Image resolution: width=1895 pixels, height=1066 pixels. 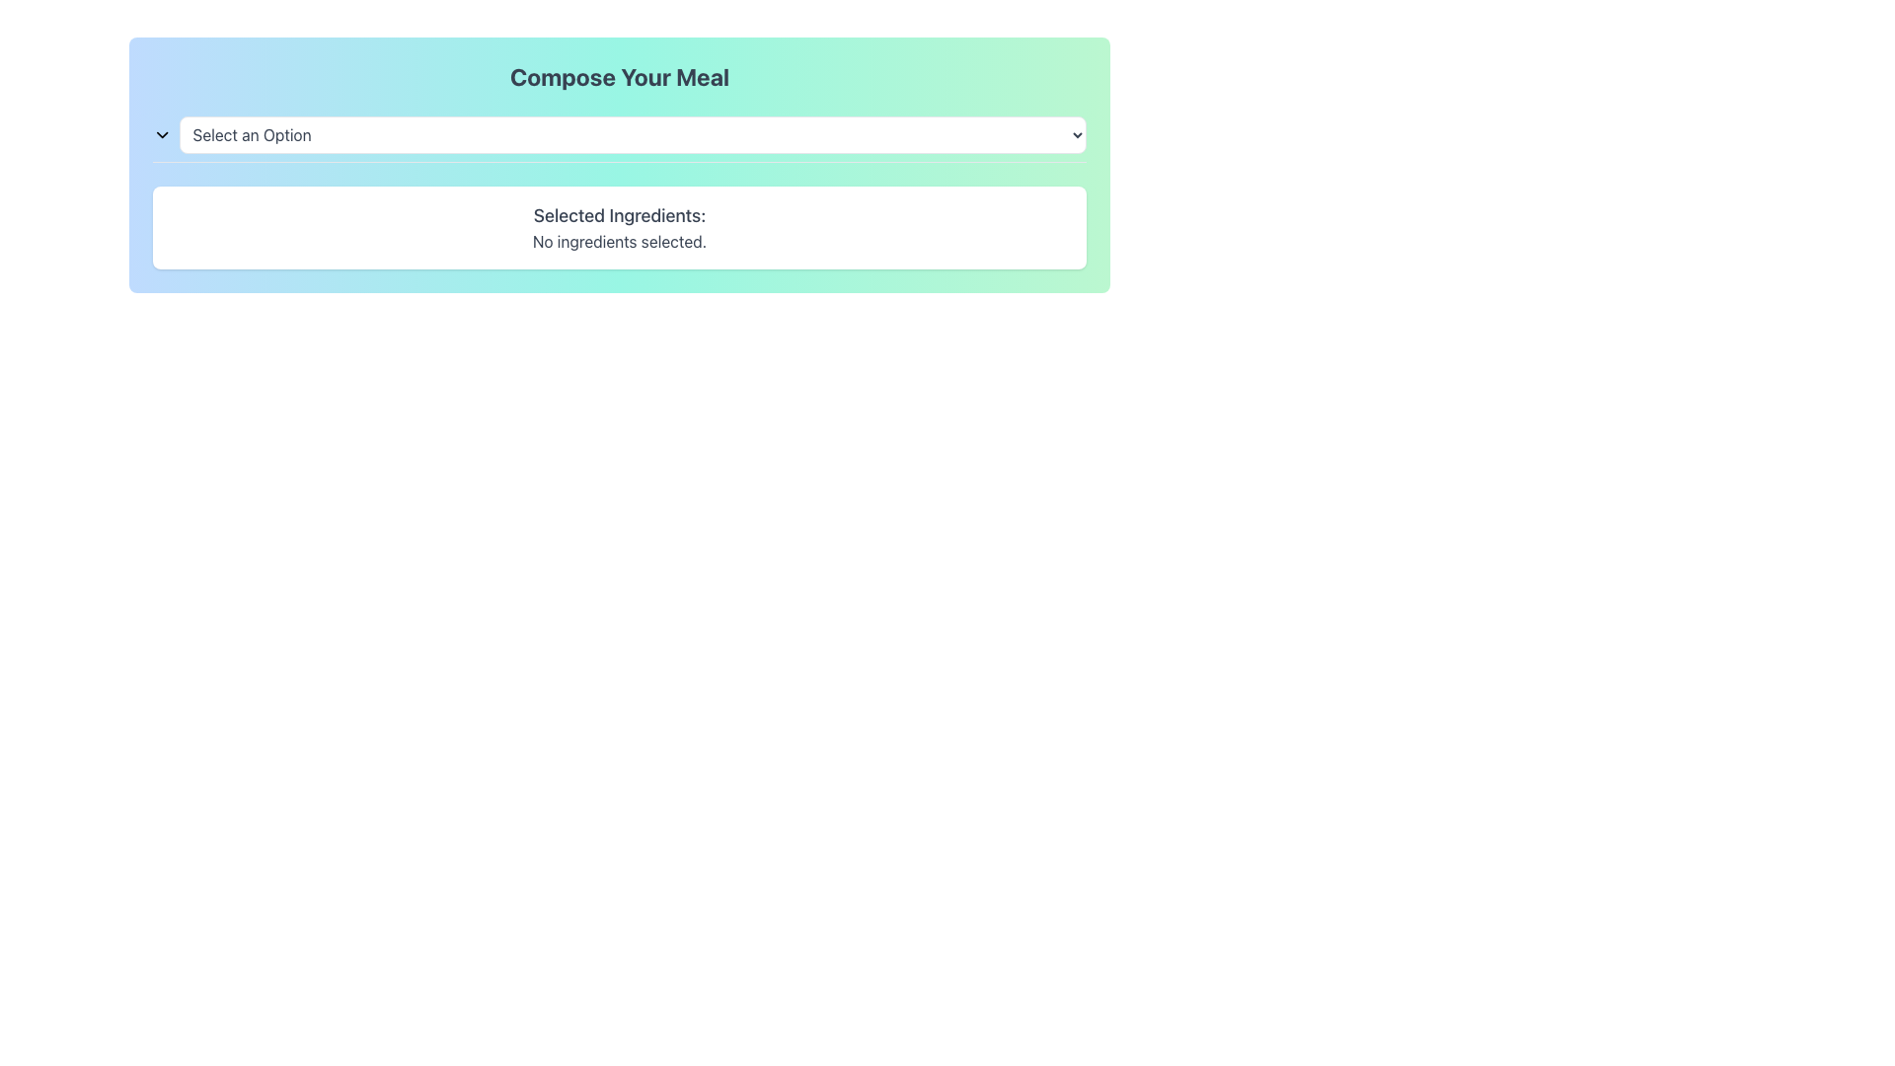 What do you see at coordinates (619, 216) in the screenshot?
I see `header text label positioned above the 'No ingredients selected' text, which serves as an indication of the content of the associated section` at bounding box center [619, 216].